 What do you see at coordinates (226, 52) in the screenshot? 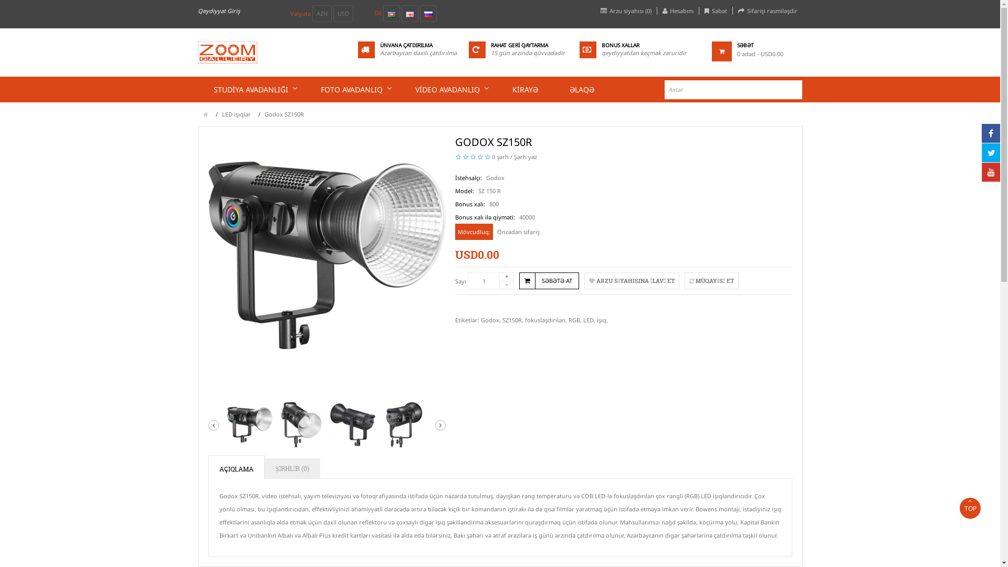
I see `'Zoom Gallery'` at bounding box center [226, 52].